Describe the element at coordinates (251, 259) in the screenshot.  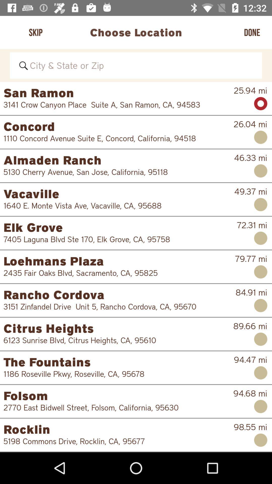
I see `79.77 mi` at that location.